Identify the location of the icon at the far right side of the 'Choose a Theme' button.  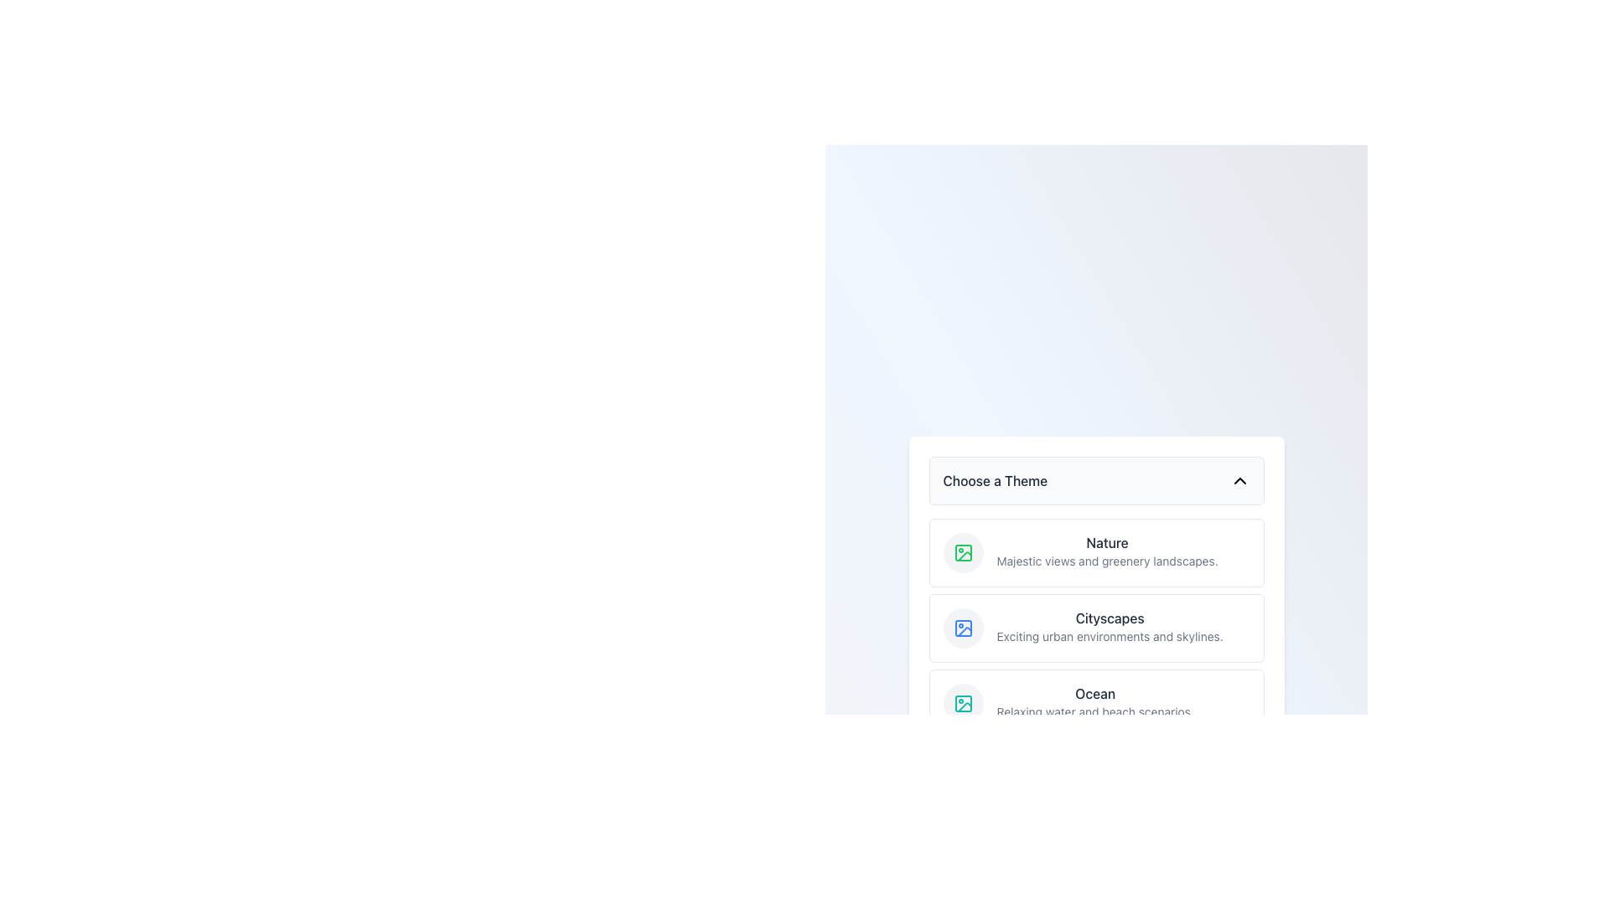
(1239, 481).